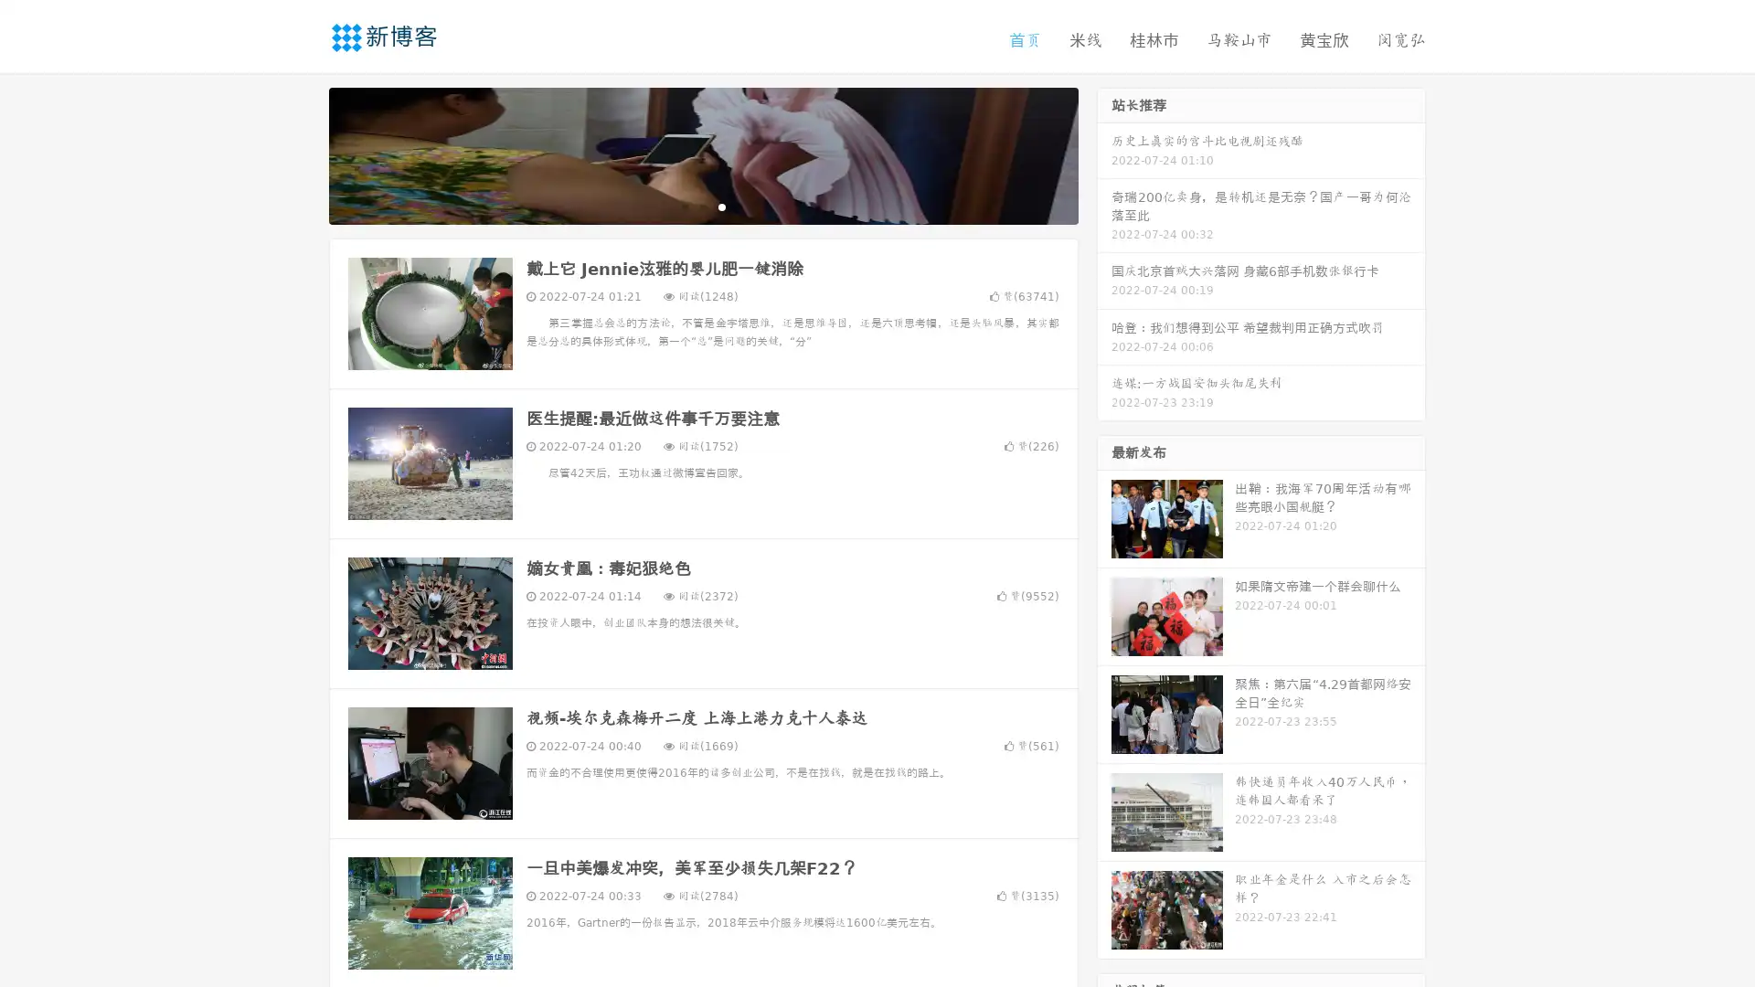 Image resolution: width=1755 pixels, height=987 pixels. Describe the element at coordinates (702, 206) in the screenshot. I see `Go to slide 2` at that location.